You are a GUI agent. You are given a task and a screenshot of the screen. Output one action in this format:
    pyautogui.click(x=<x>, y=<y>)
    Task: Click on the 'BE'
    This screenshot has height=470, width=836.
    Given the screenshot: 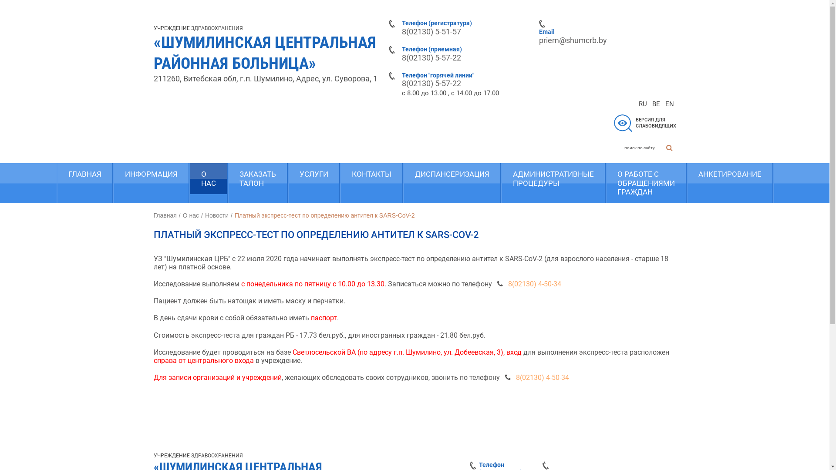 What is the action you would take?
    pyautogui.click(x=656, y=104)
    